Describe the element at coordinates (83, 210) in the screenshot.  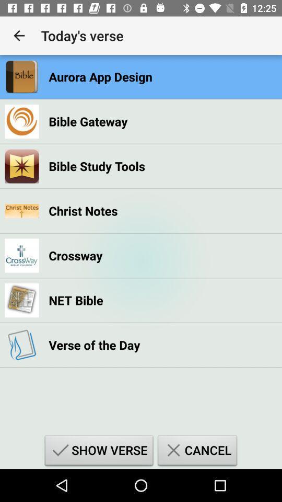
I see `the christ notes item` at that location.